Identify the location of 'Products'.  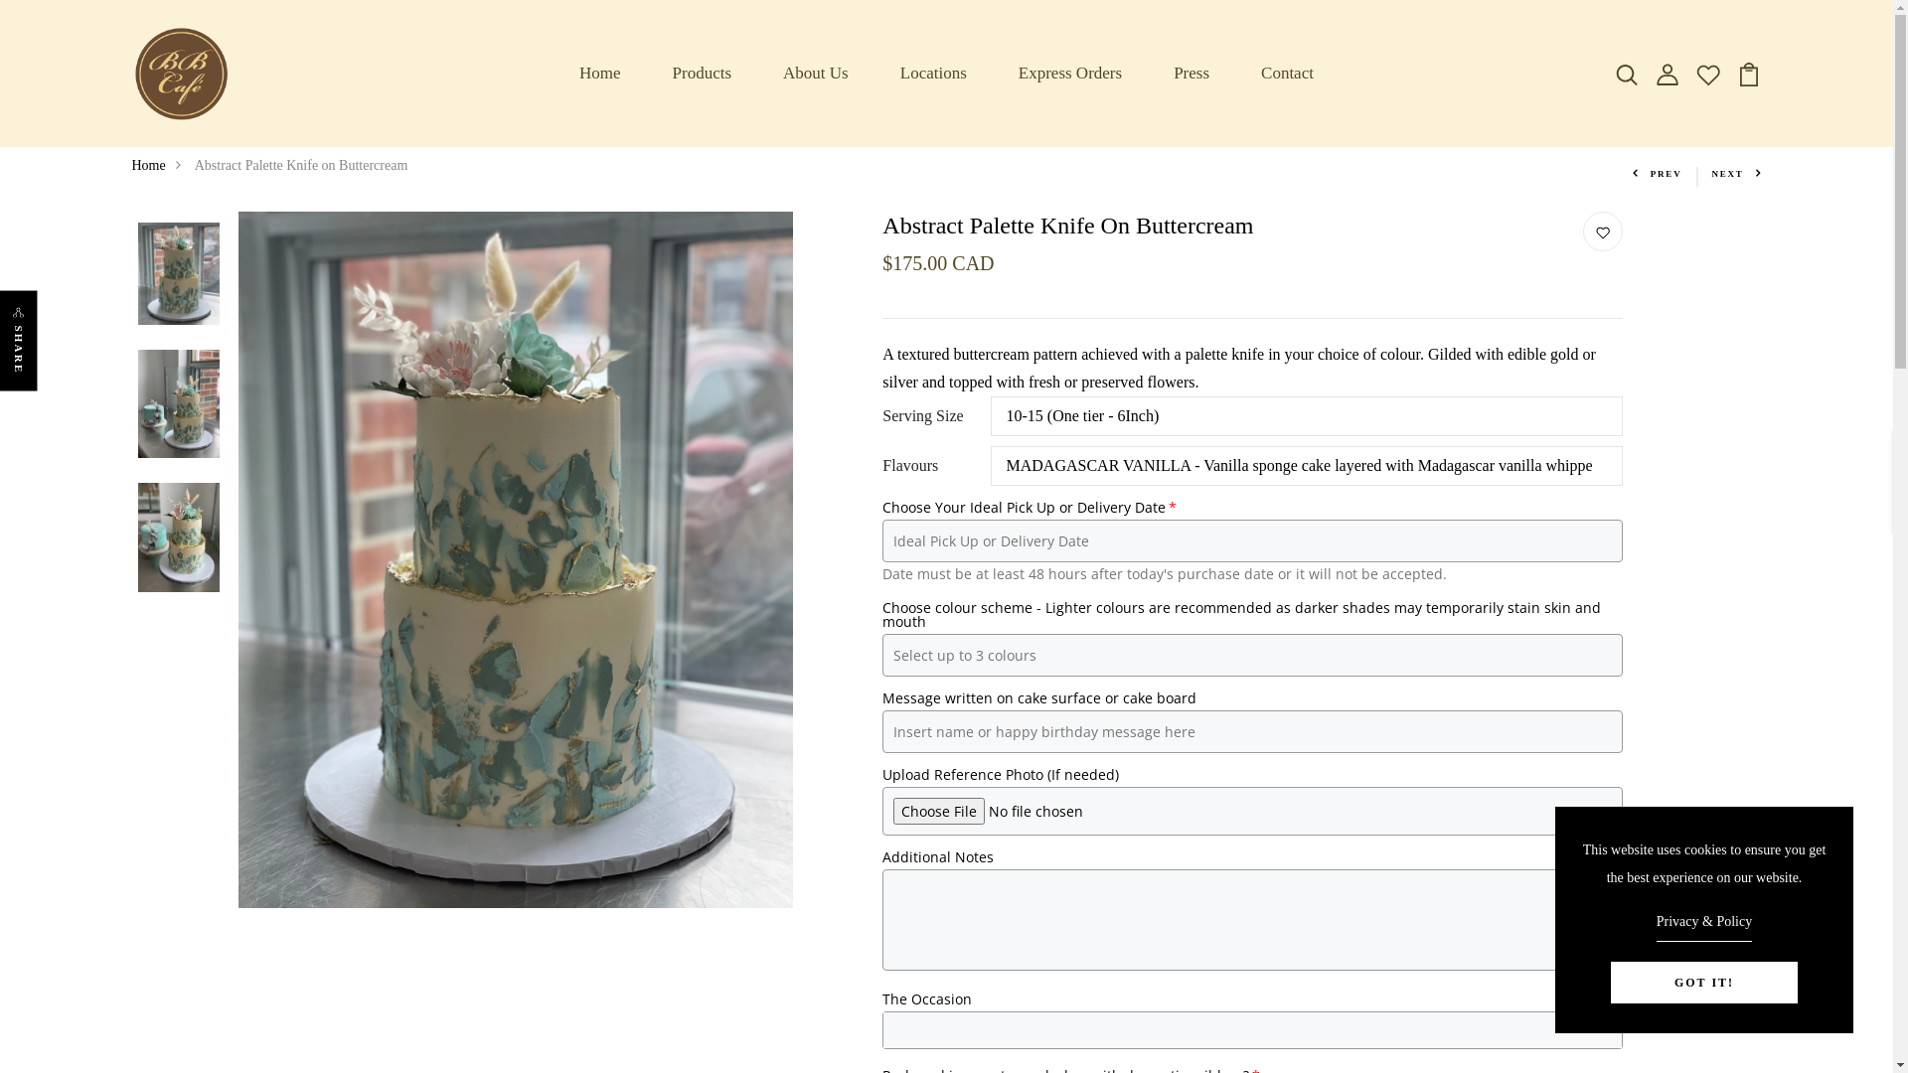
(702, 72).